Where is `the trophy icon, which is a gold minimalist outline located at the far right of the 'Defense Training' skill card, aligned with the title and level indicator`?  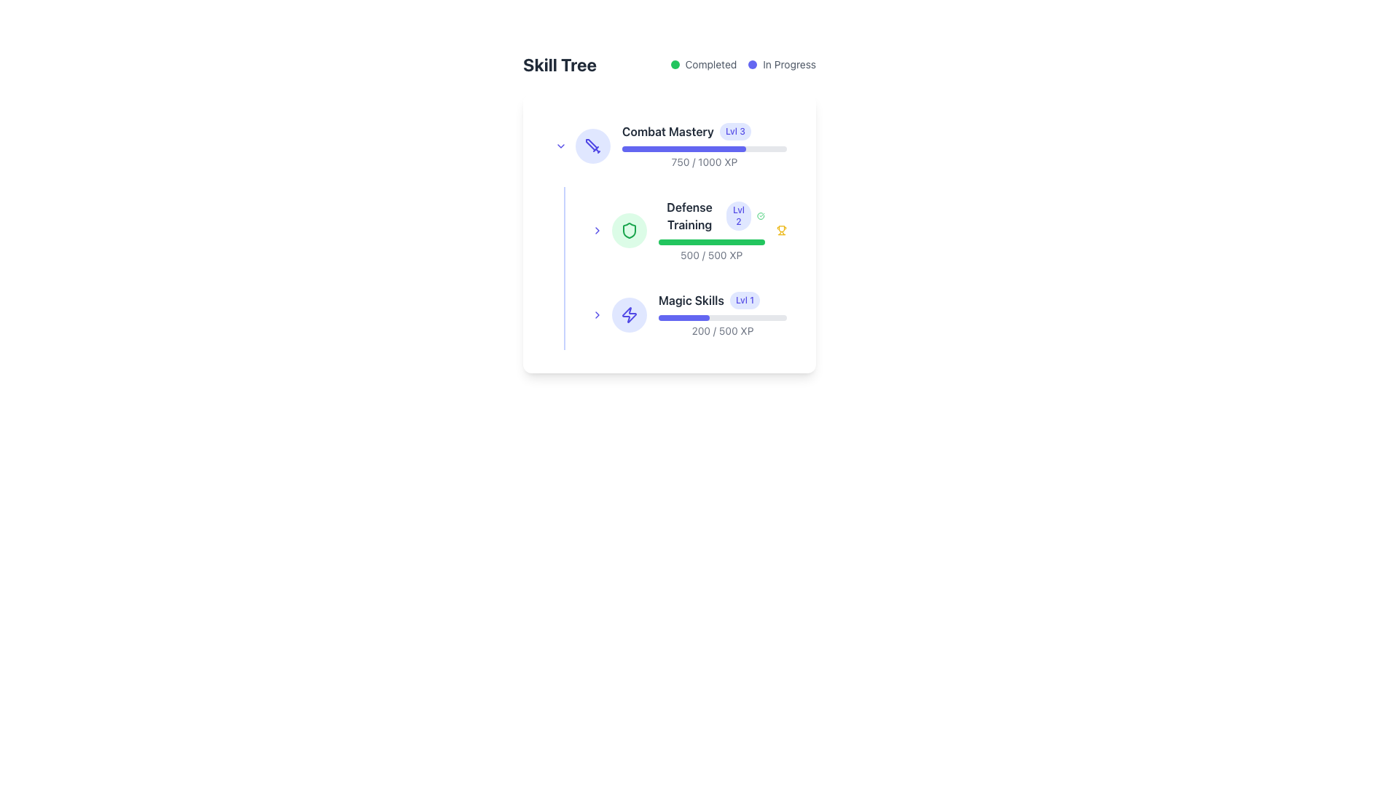
the trophy icon, which is a gold minimalist outline located at the far right of the 'Defense Training' skill card, aligned with the title and level indicator is located at coordinates (780, 229).